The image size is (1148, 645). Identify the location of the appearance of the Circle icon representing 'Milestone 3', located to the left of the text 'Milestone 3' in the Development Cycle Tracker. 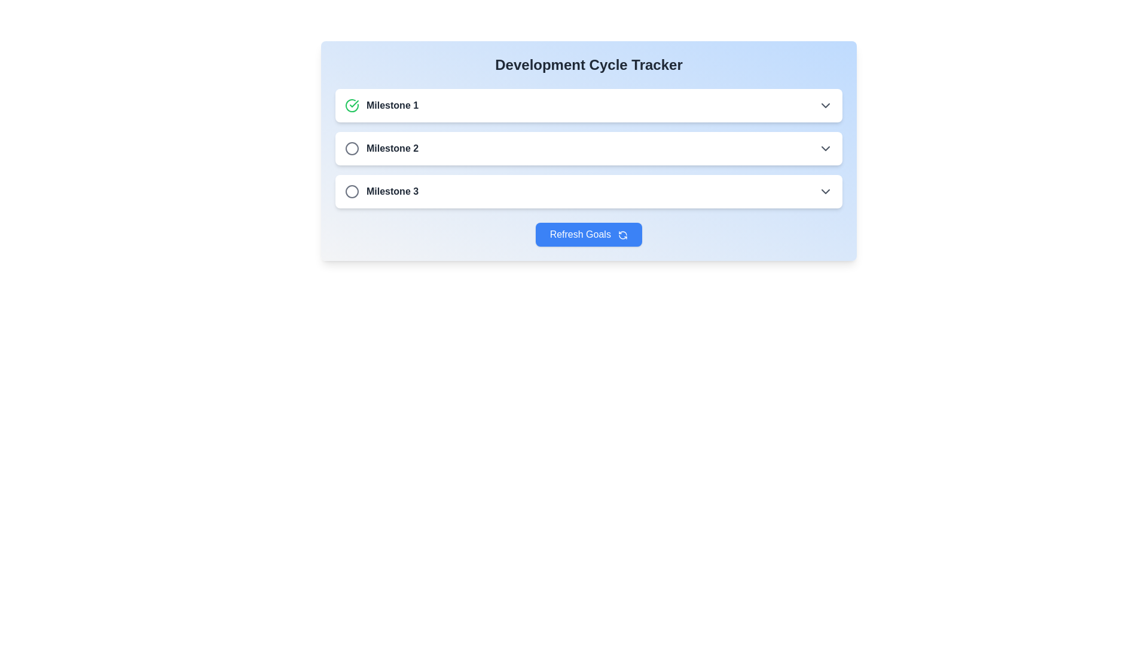
(352, 191).